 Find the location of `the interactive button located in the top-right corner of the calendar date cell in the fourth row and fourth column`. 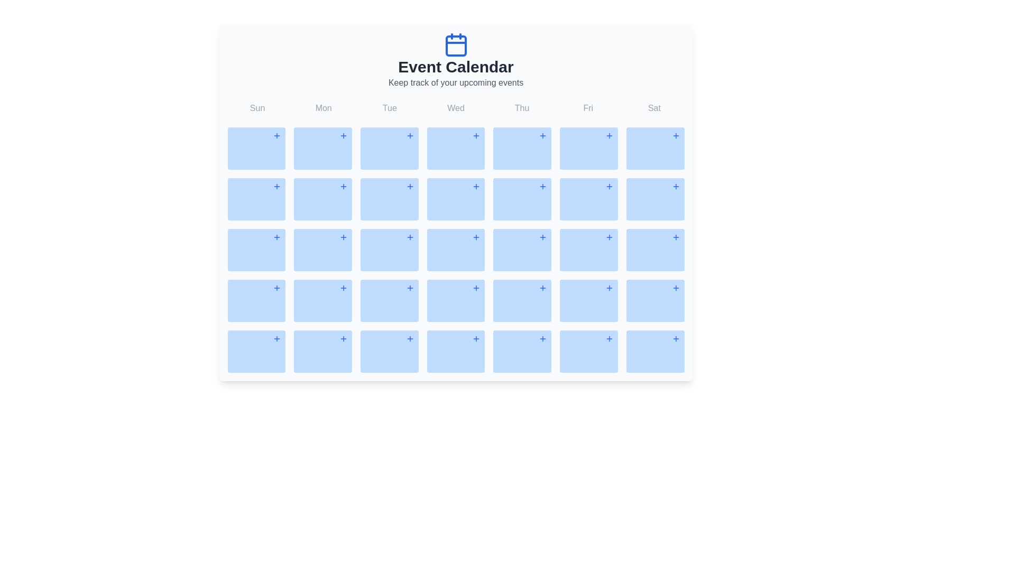

the interactive button located in the top-right corner of the calendar date cell in the fourth row and fourth column is located at coordinates (476, 288).